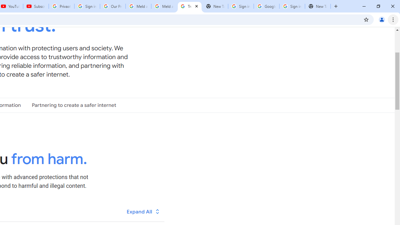  What do you see at coordinates (292, 6) in the screenshot?
I see `'Sign in - Google Accounts'` at bounding box center [292, 6].